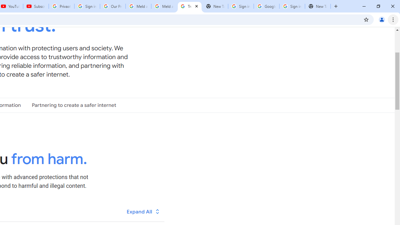  What do you see at coordinates (292, 6) in the screenshot?
I see `'Sign in - Google Accounts'` at bounding box center [292, 6].